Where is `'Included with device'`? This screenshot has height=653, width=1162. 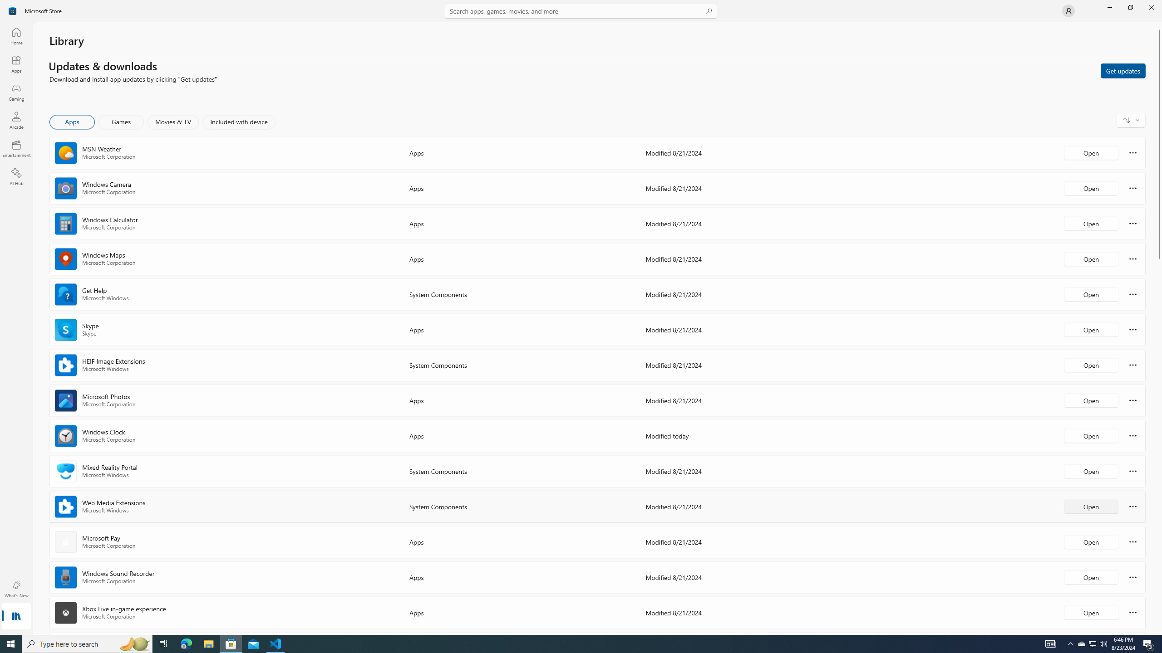
'Included with device' is located at coordinates (238, 122).